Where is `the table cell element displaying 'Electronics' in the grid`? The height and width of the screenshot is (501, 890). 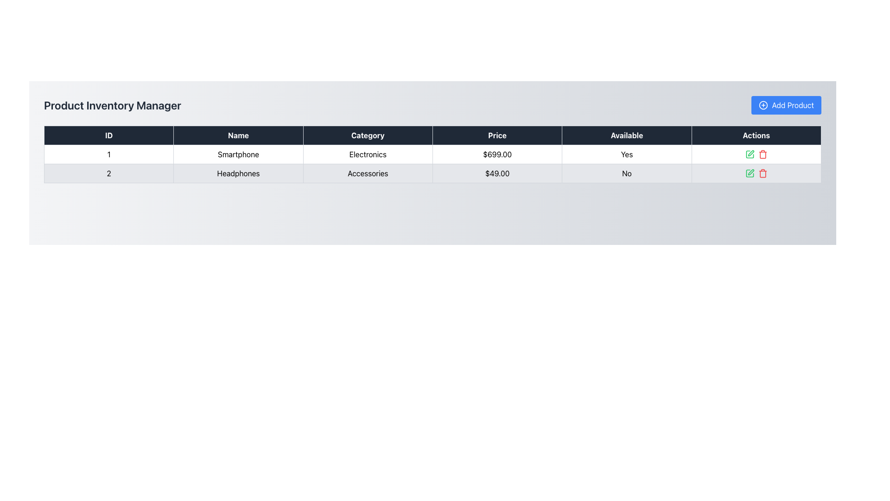 the table cell element displaying 'Electronics' in the grid is located at coordinates (367, 154).